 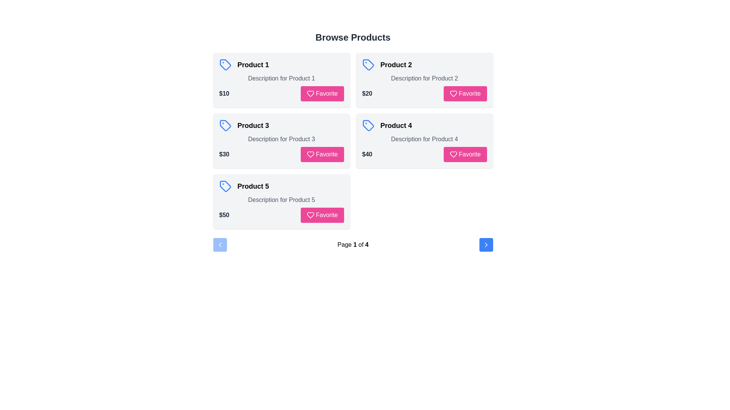 What do you see at coordinates (322, 215) in the screenshot?
I see `the 'Favorite' button with a pink background and heart icon located at the bottom right corner of the fifth product card titled 'Product 5' to favorite the item` at bounding box center [322, 215].